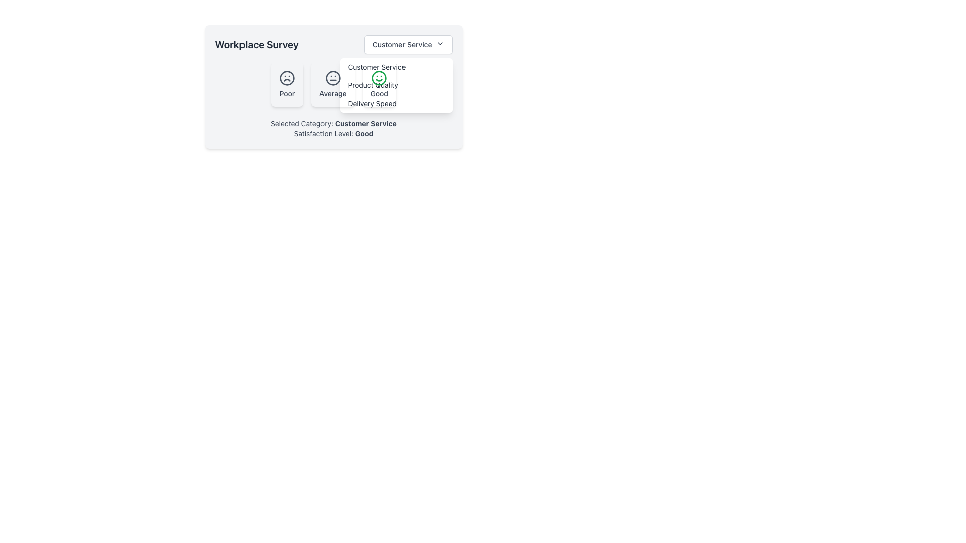 This screenshot has width=966, height=543. What do you see at coordinates (334, 133) in the screenshot?
I see `text label that states 'Satisfaction Level: Good', which is styled in gray and centered below 'Selected Category: Customer Service'` at bounding box center [334, 133].